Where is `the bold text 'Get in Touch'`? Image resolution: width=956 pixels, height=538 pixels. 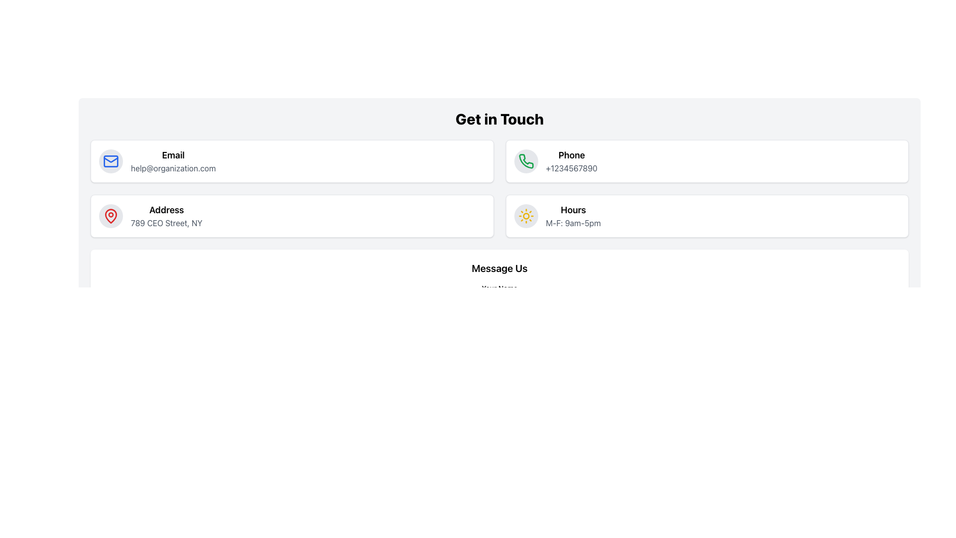
the bold text 'Get in Touch' is located at coordinates (499, 119).